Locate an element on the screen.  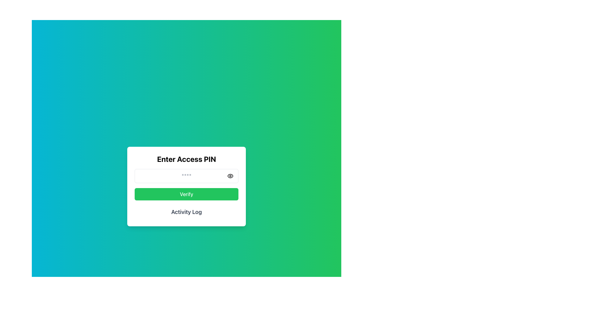
the 'Verify' button, which is a rectangular button with a green background and white text is located at coordinates (186, 194).